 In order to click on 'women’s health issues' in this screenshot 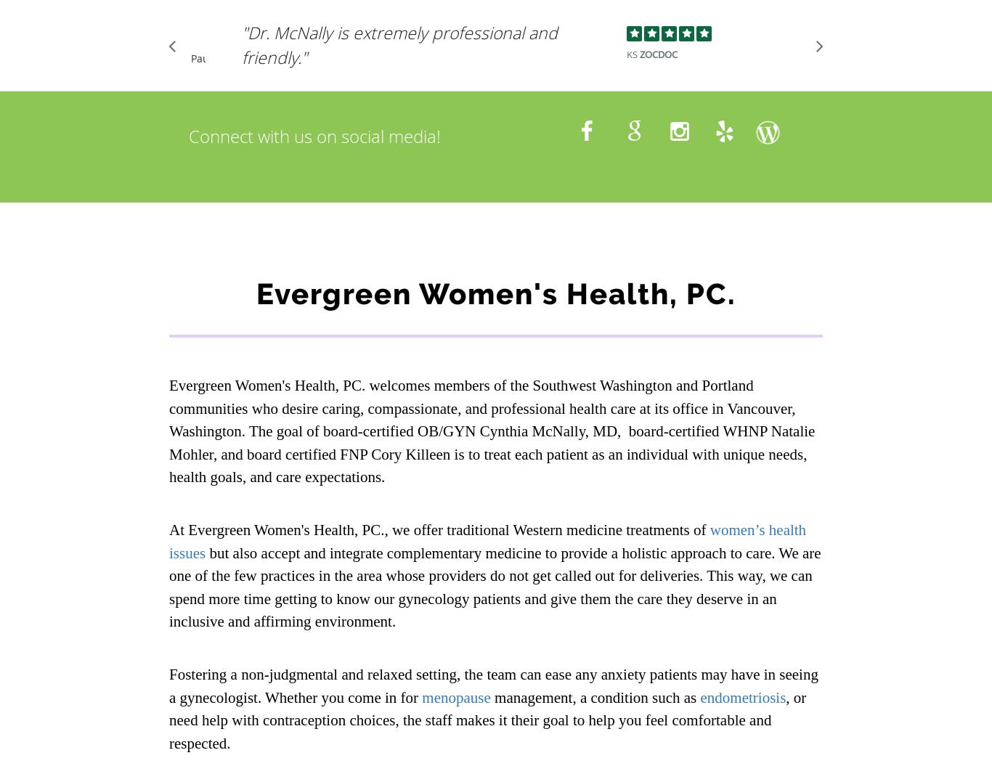, I will do `click(487, 541)`.